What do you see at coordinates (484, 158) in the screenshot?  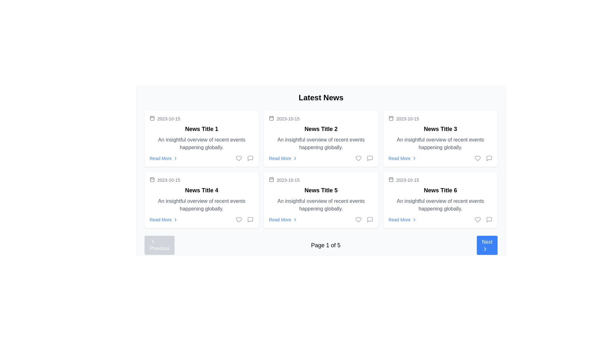 I see `the heart icon in the interactive icon group located at the bottom-right corner of the third news card to like the post` at bounding box center [484, 158].